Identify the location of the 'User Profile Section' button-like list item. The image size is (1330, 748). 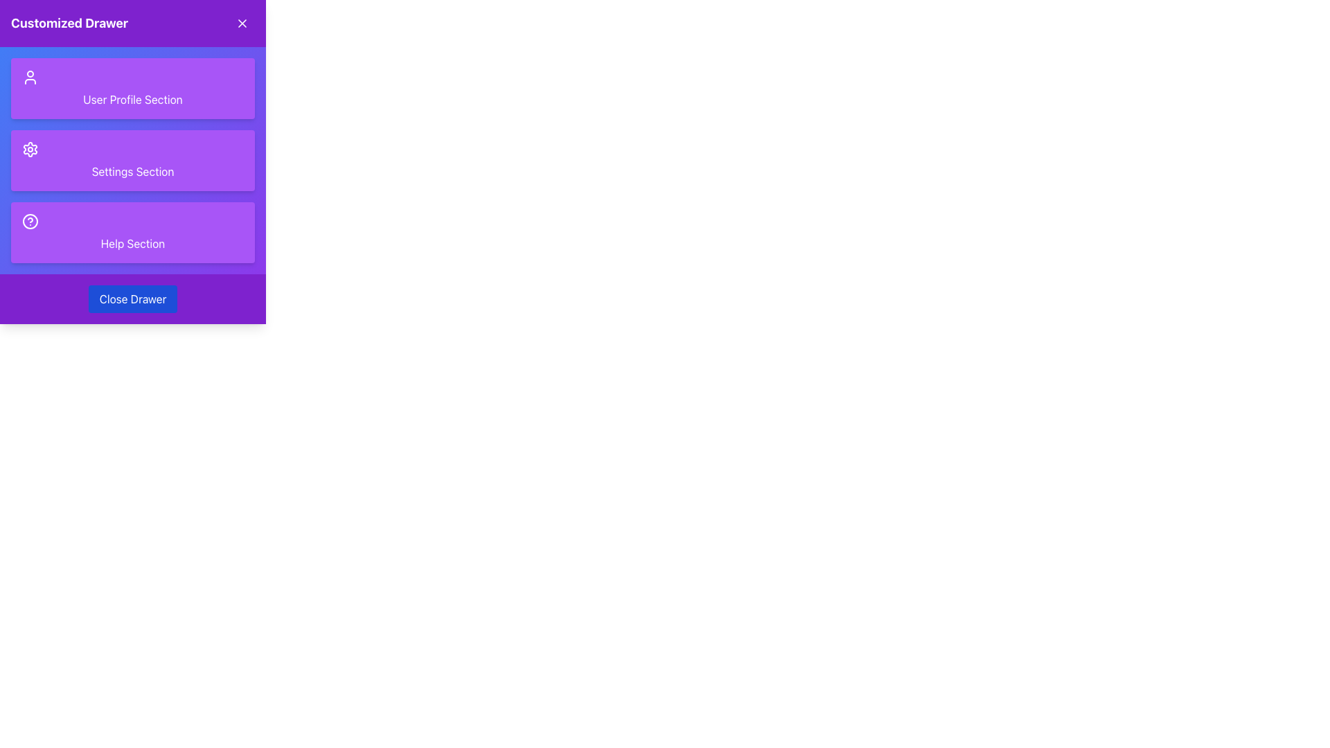
(133, 88).